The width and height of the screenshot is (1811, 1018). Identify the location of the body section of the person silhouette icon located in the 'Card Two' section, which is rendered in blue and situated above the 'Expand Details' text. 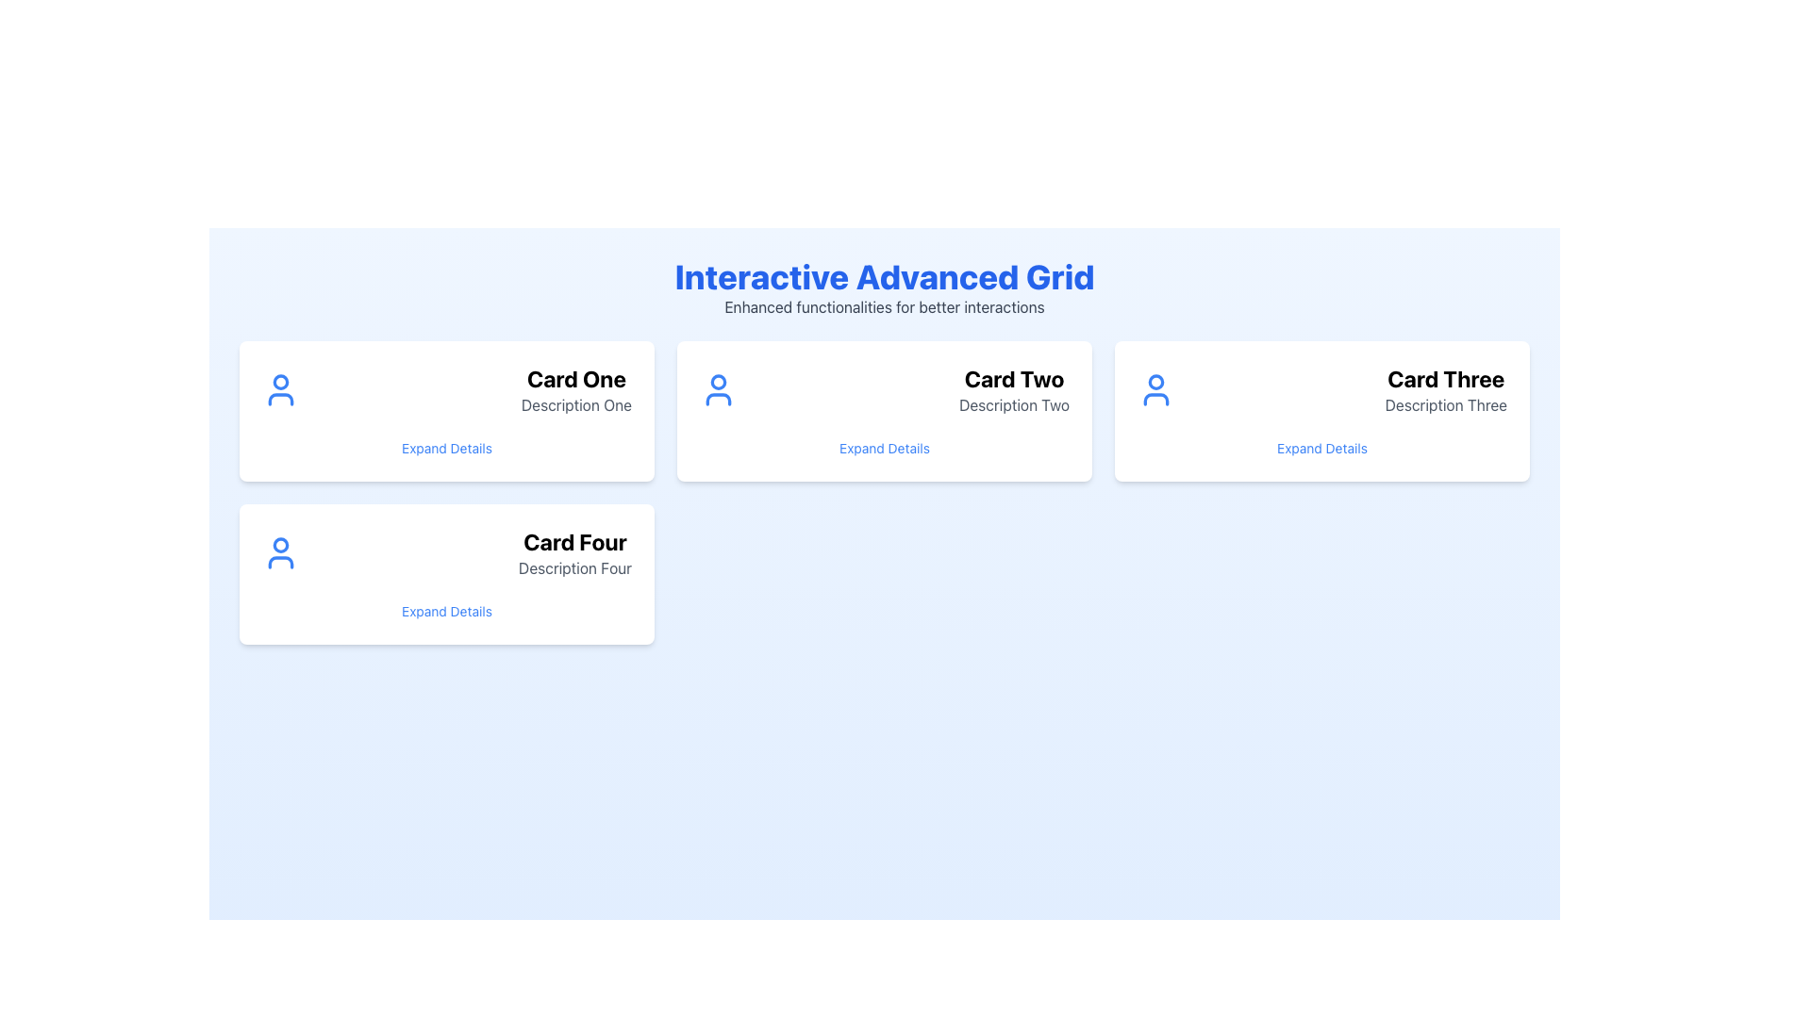
(718, 399).